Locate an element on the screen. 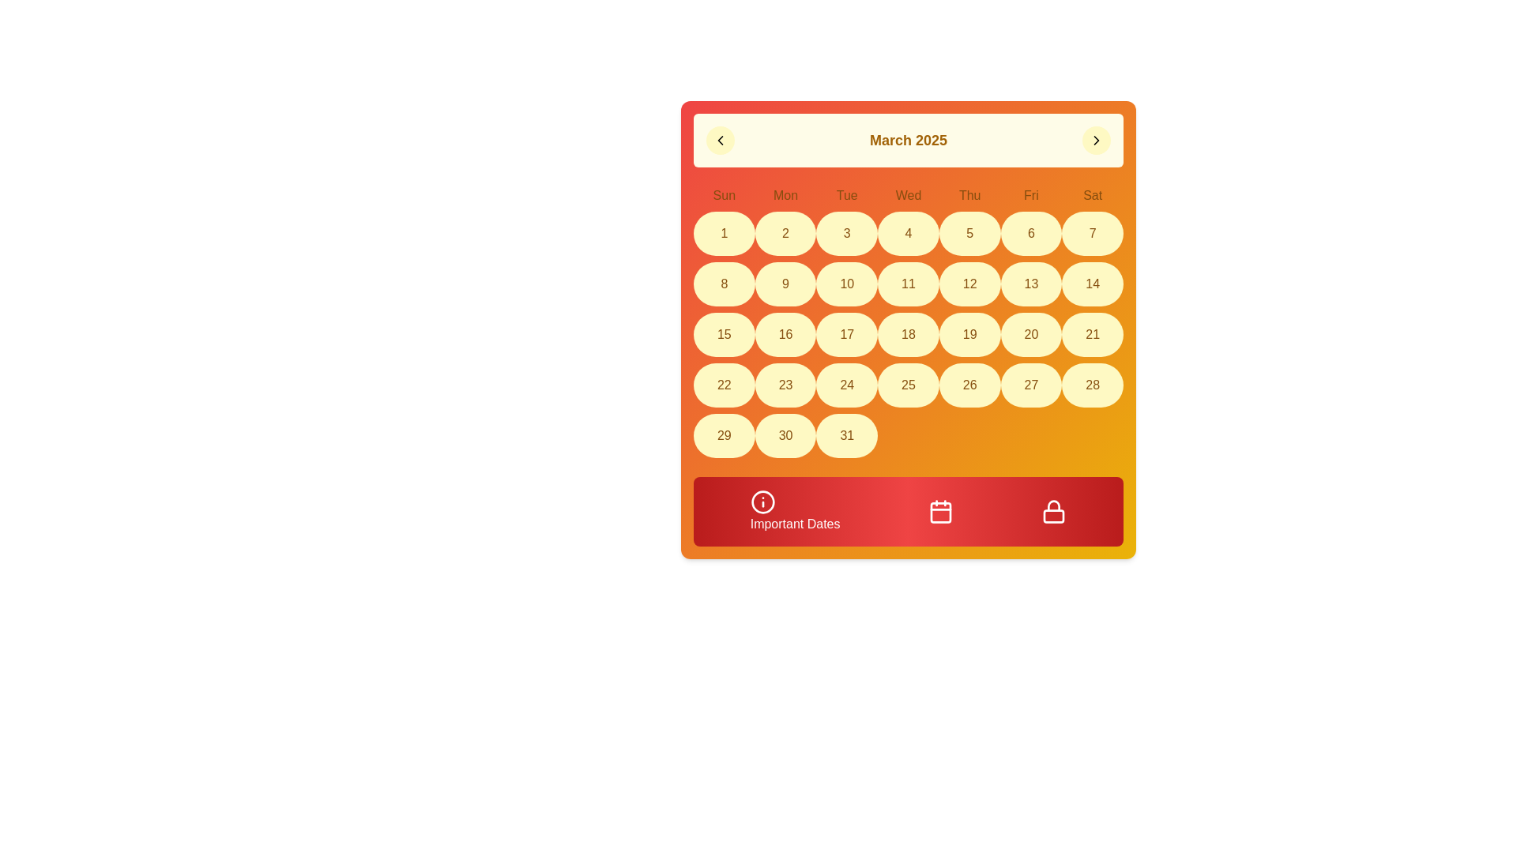 The width and height of the screenshot is (1517, 853). the button representing the 30th day of March 2025 in the calendar grid is located at coordinates (785, 435).